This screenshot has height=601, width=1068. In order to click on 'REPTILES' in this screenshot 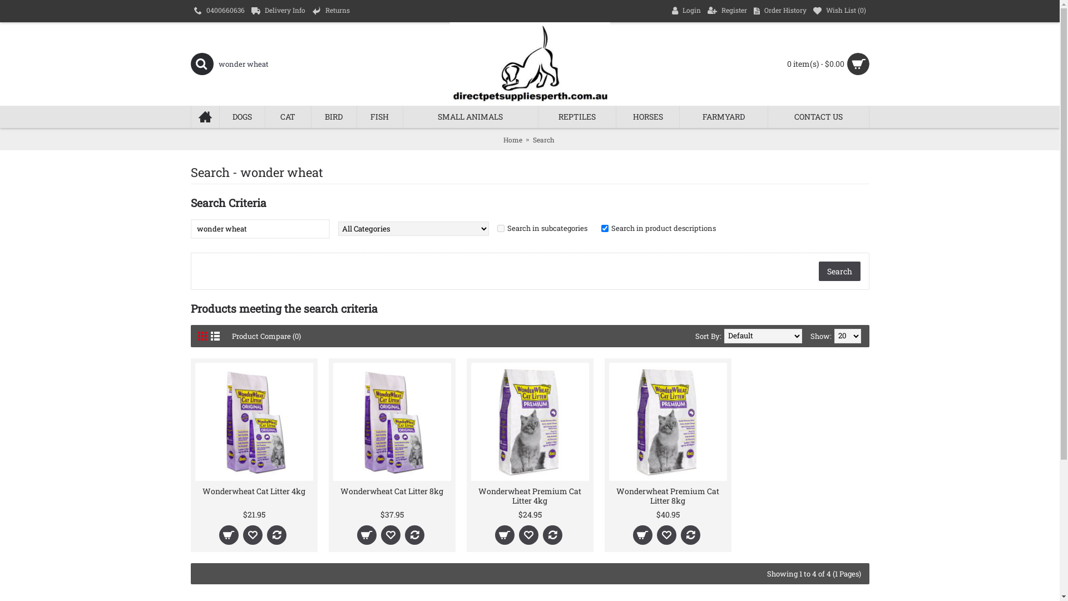, I will do `click(538, 116)`.